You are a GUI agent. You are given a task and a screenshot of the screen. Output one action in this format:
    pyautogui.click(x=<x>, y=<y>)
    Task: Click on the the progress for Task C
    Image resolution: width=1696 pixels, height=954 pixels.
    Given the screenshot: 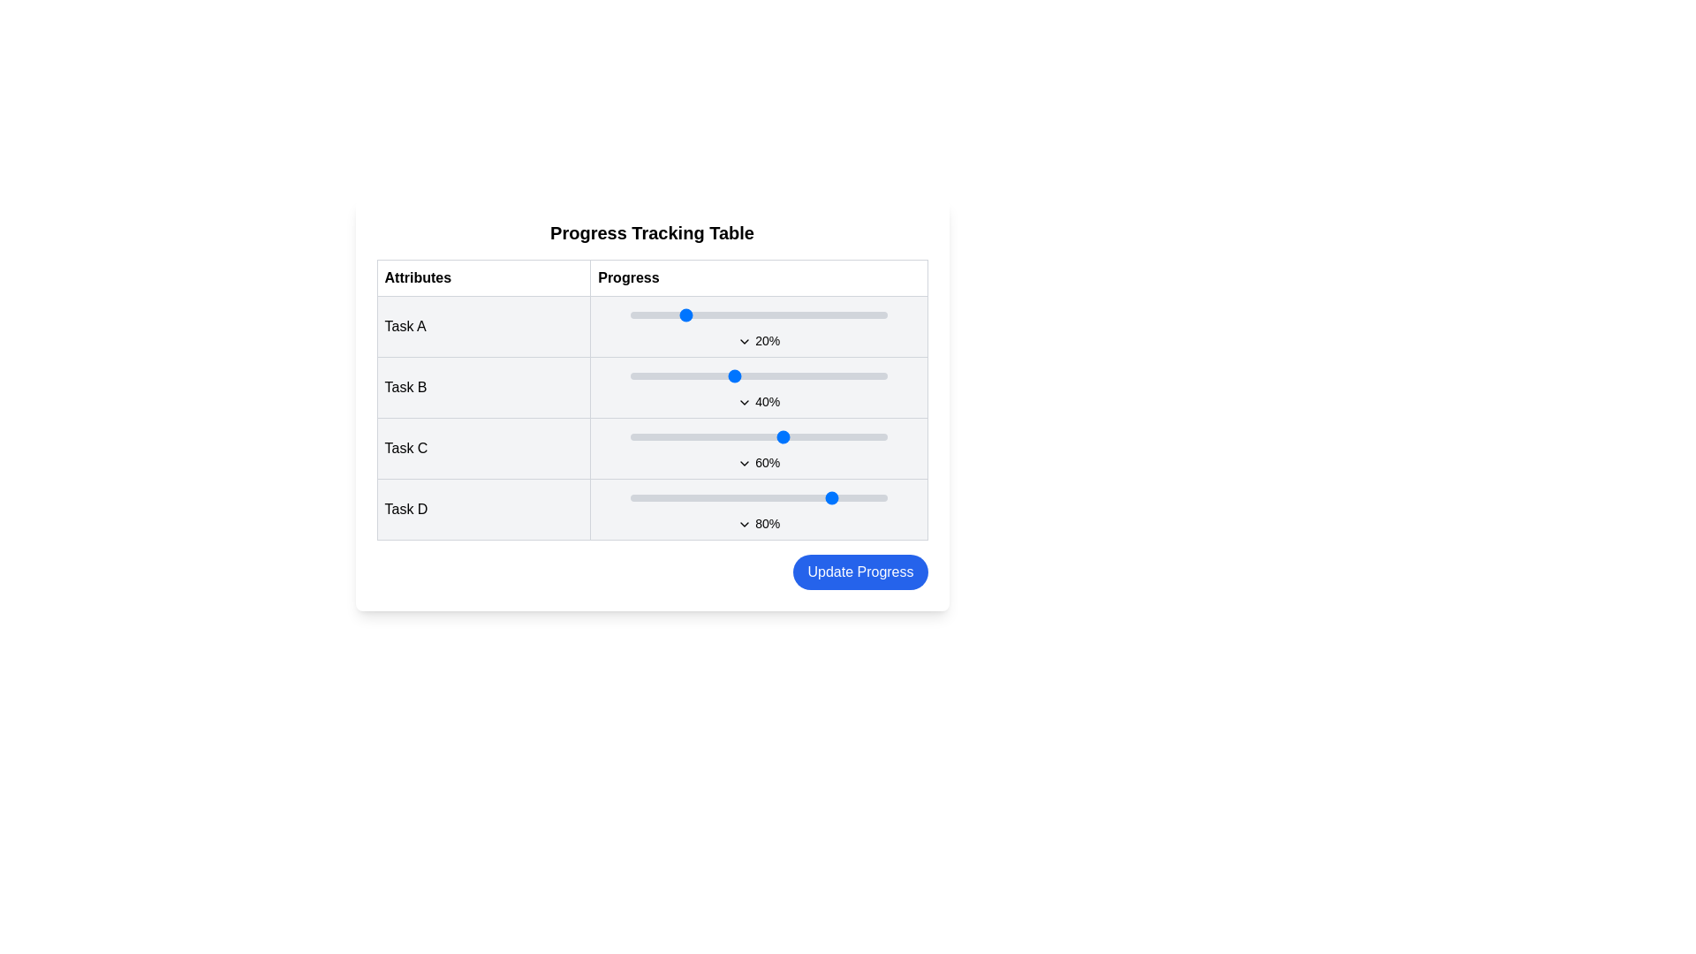 What is the action you would take?
    pyautogui.click(x=885, y=436)
    